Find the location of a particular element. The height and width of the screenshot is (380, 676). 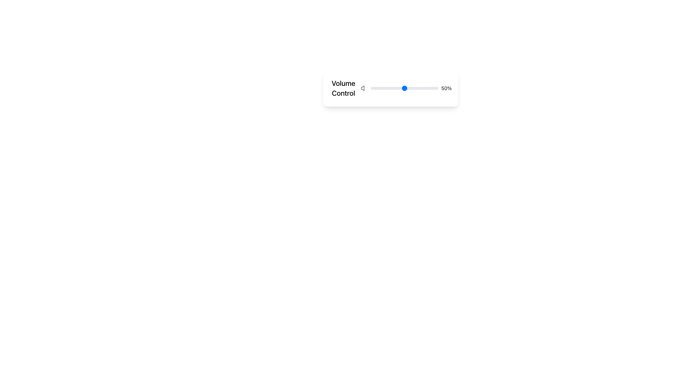

the slider is located at coordinates (380, 88).